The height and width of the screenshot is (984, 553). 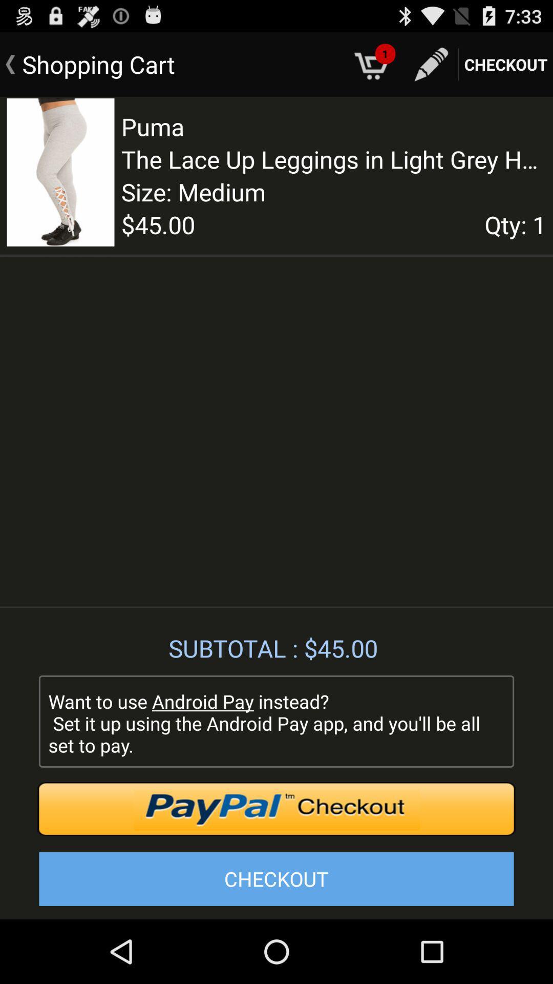 What do you see at coordinates (372, 64) in the screenshot?
I see `the icon which is right to the text shopping cart` at bounding box center [372, 64].